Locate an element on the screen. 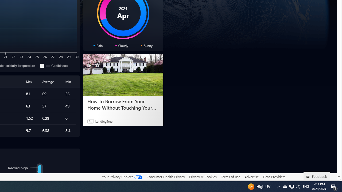 This screenshot has width=342, height=192. 'Confidence' is located at coordinates (57, 65).